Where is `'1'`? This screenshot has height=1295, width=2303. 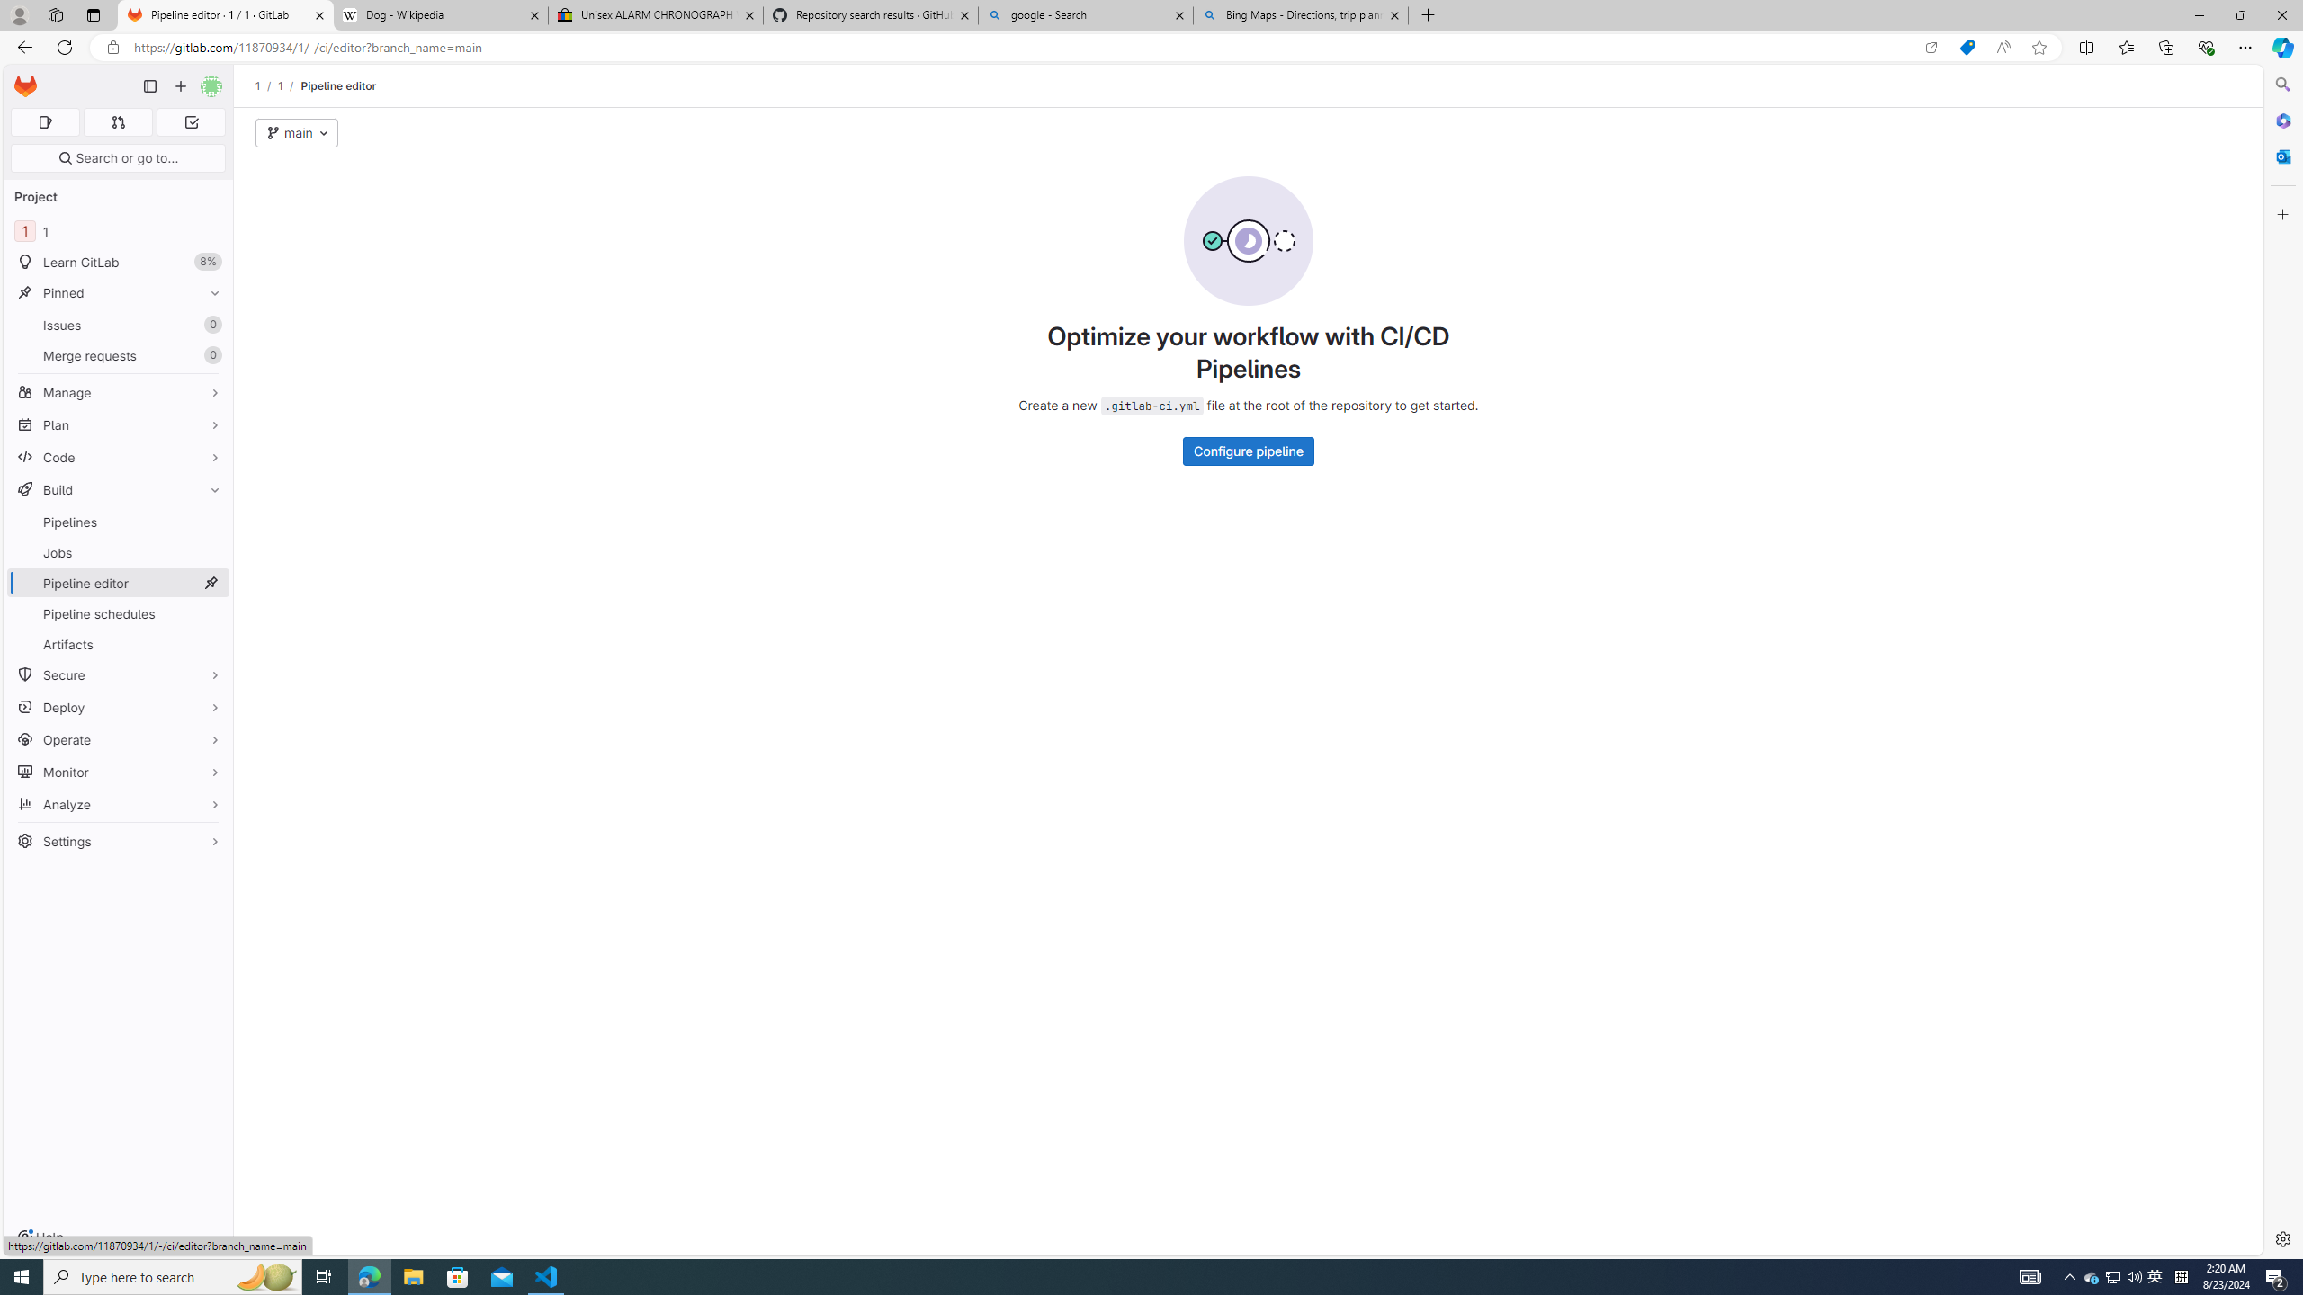
'1' is located at coordinates (280, 85).